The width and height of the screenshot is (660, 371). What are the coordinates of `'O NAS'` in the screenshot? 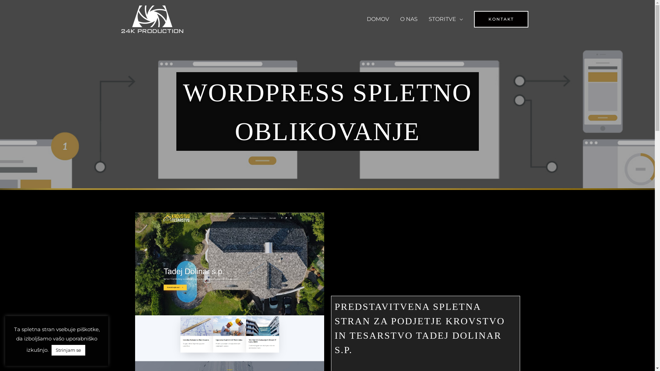 It's located at (409, 19).